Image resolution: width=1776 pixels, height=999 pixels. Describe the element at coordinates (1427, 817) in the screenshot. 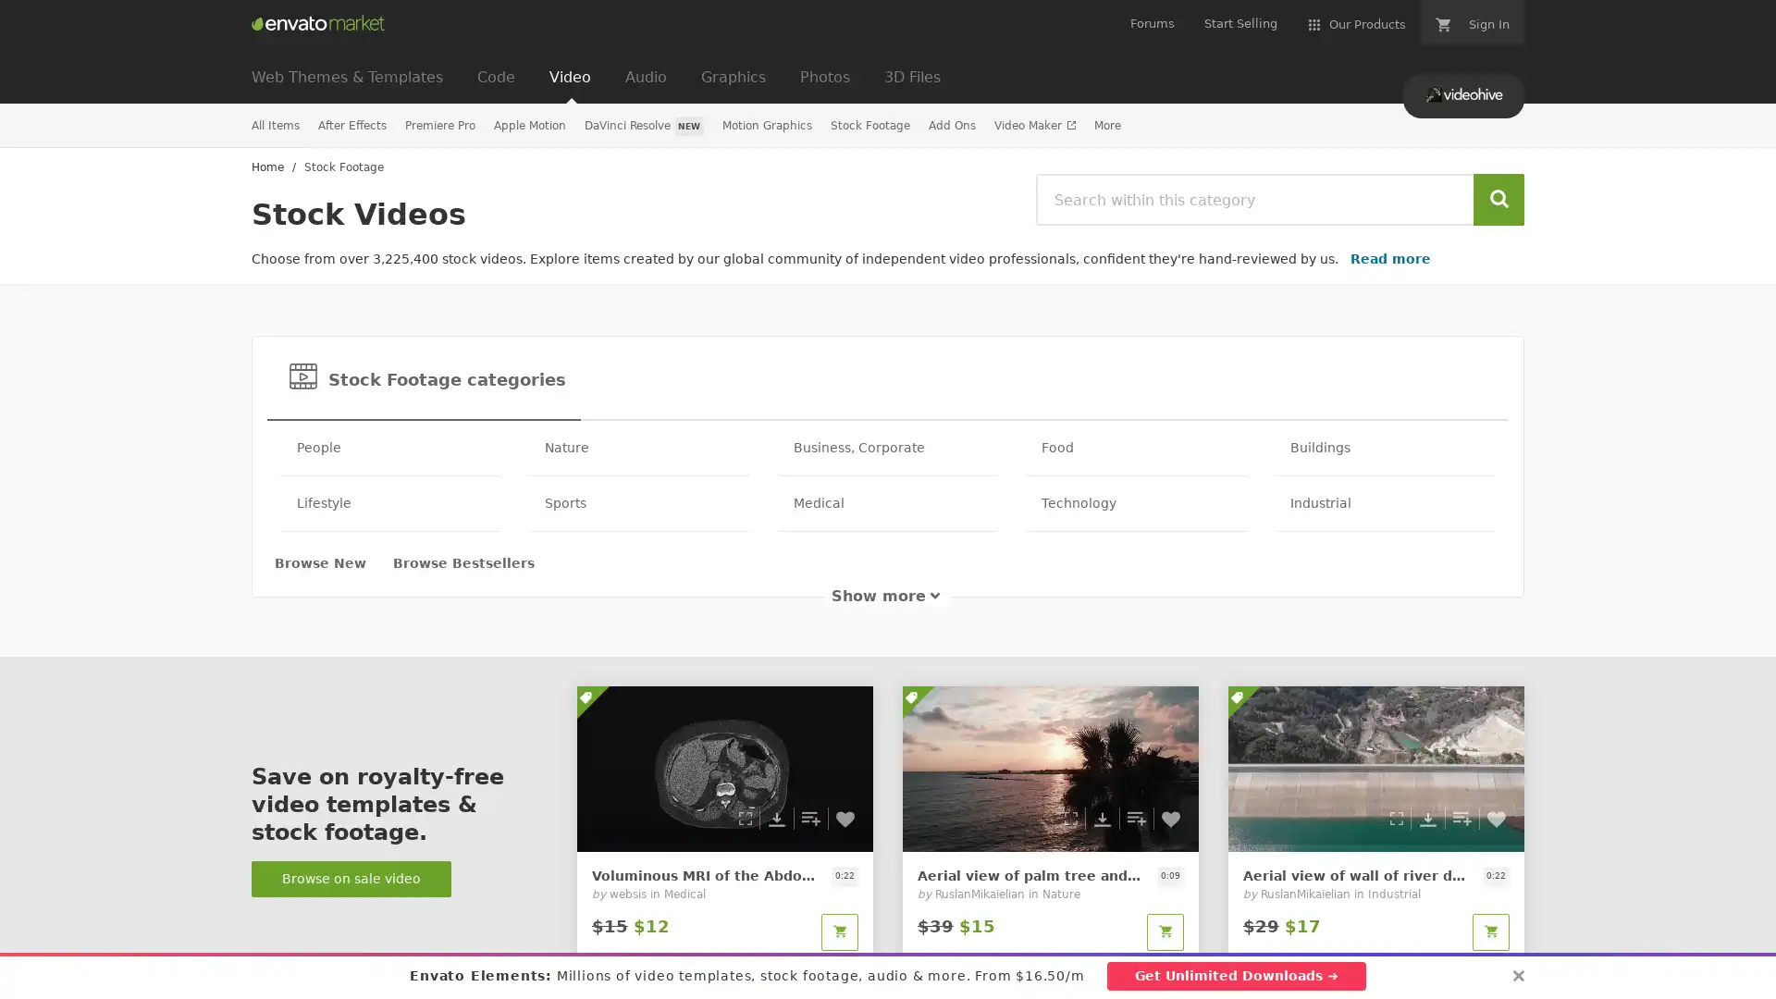

I see `Download preview` at that location.